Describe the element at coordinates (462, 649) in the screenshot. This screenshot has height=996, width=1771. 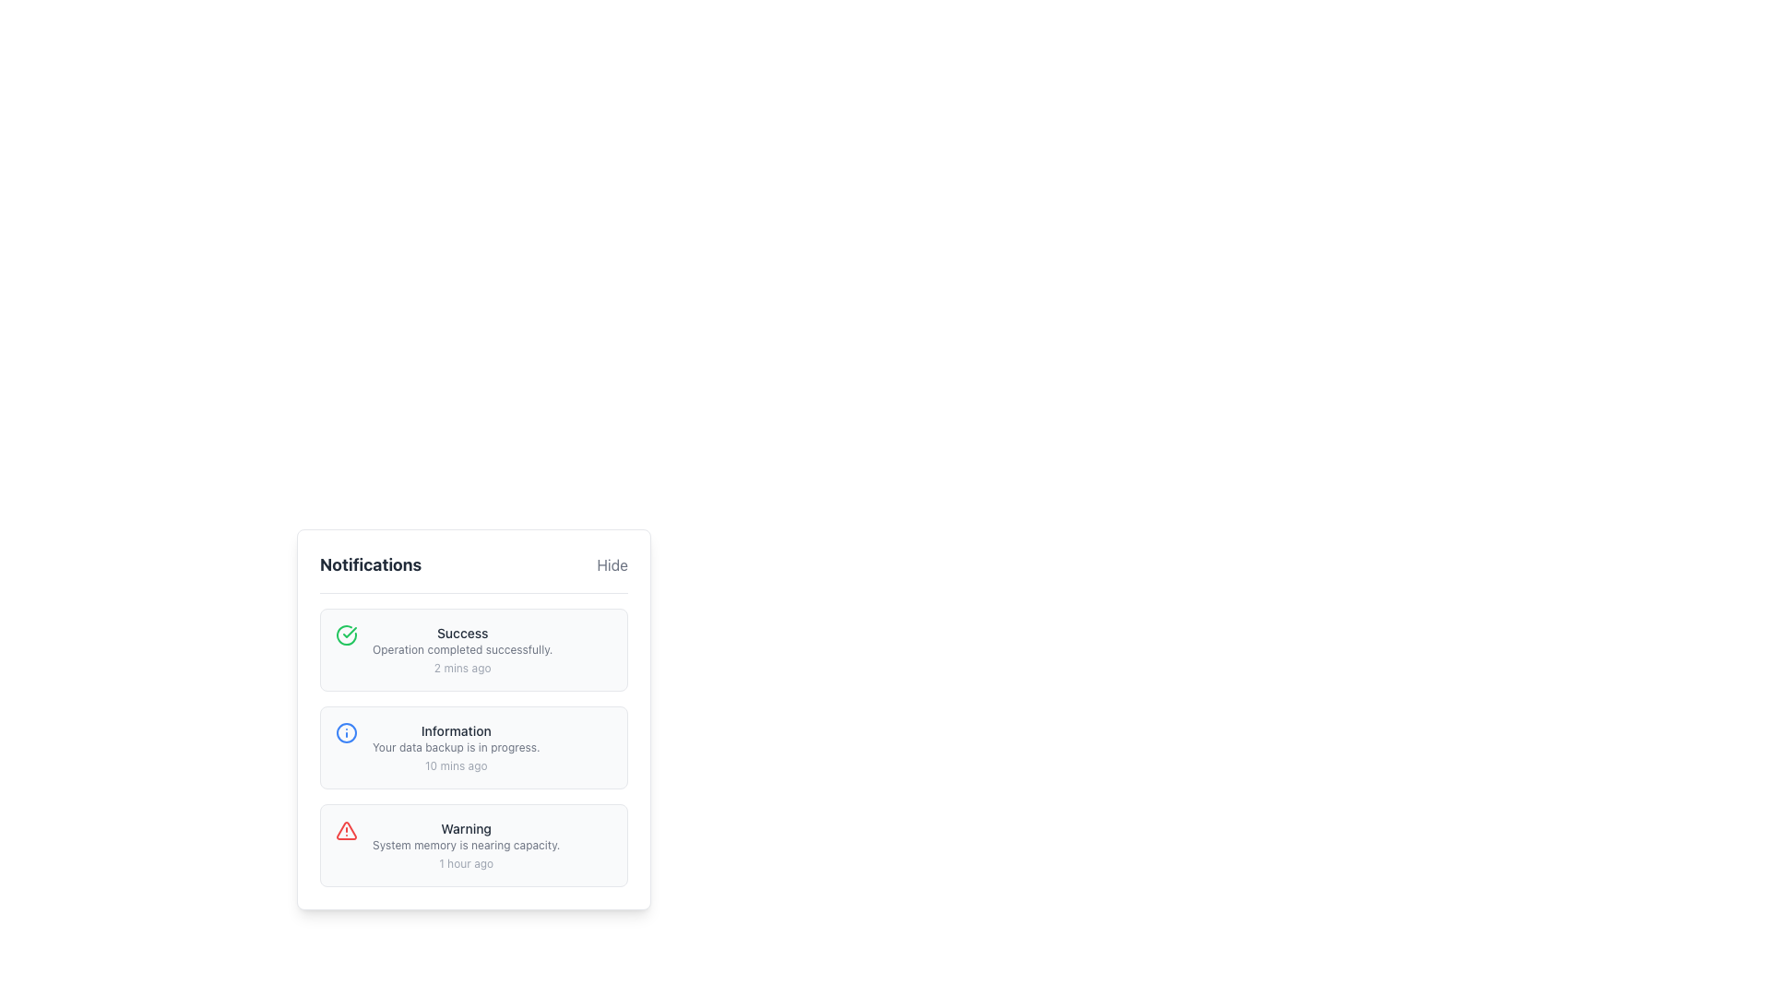
I see `the notification message component that displays 'Success' in bold, with the message 'Operation completed successfully' and the time '2 mins ago'` at that location.